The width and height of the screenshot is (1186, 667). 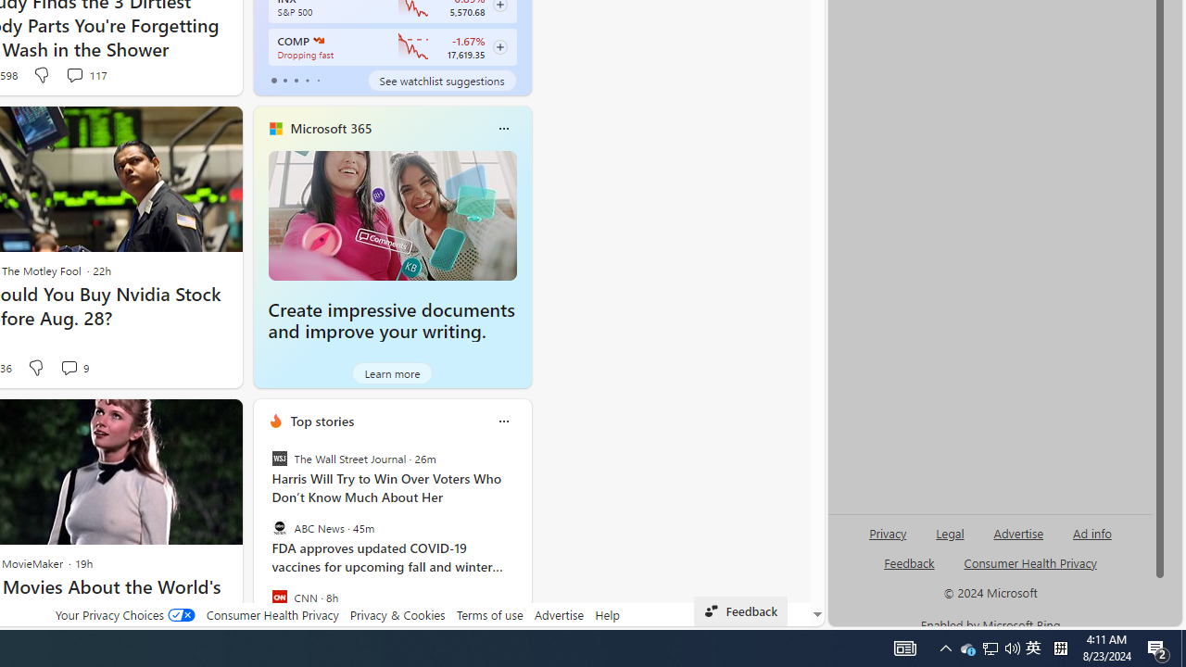 What do you see at coordinates (499, 46) in the screenshot?
I see `'Class: follow-button  m'` at bounding box center [499, 46].